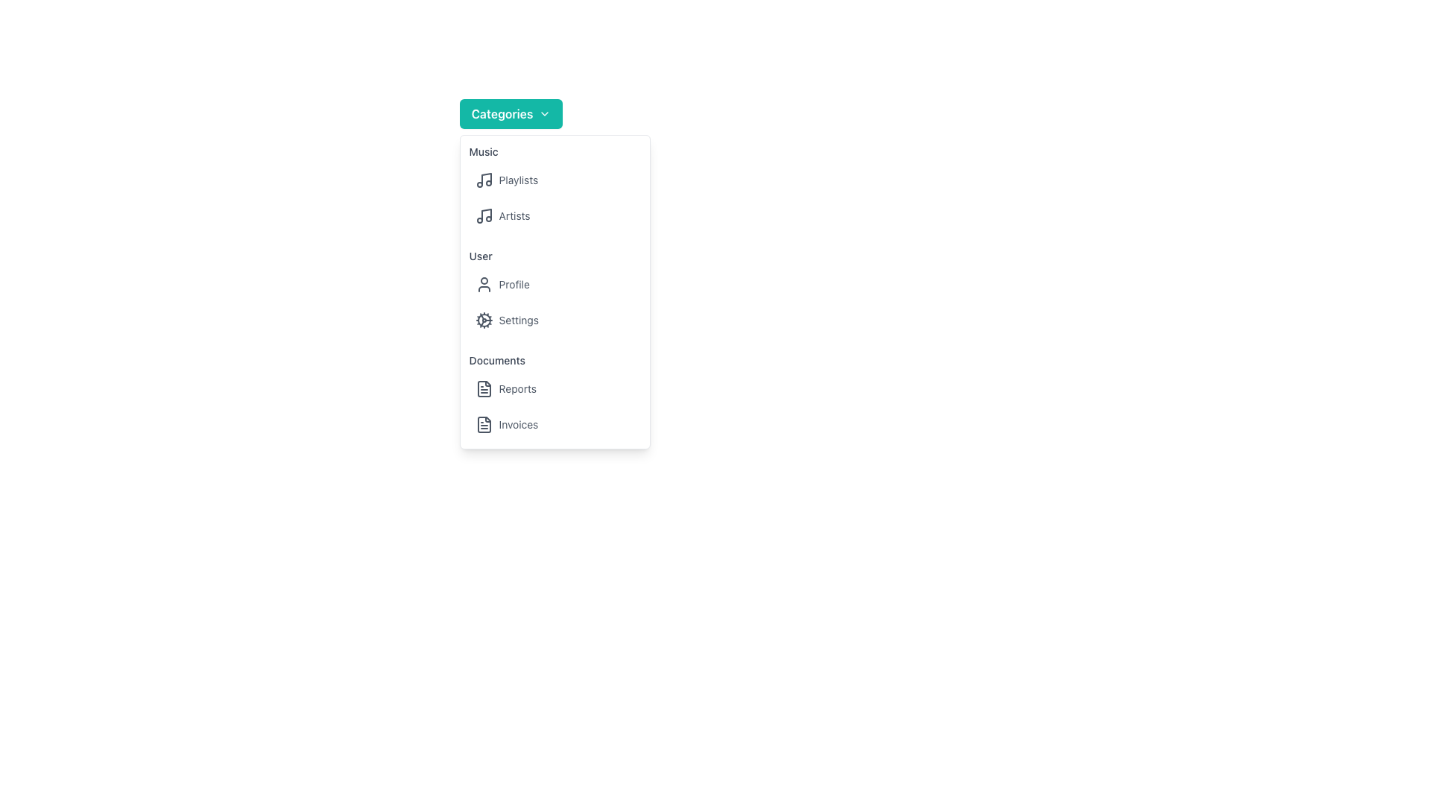  I want to click on the navigation button for artists located below the 'Playlists' option in the 'Music' section of the sidebar menu, so click(554, 215).